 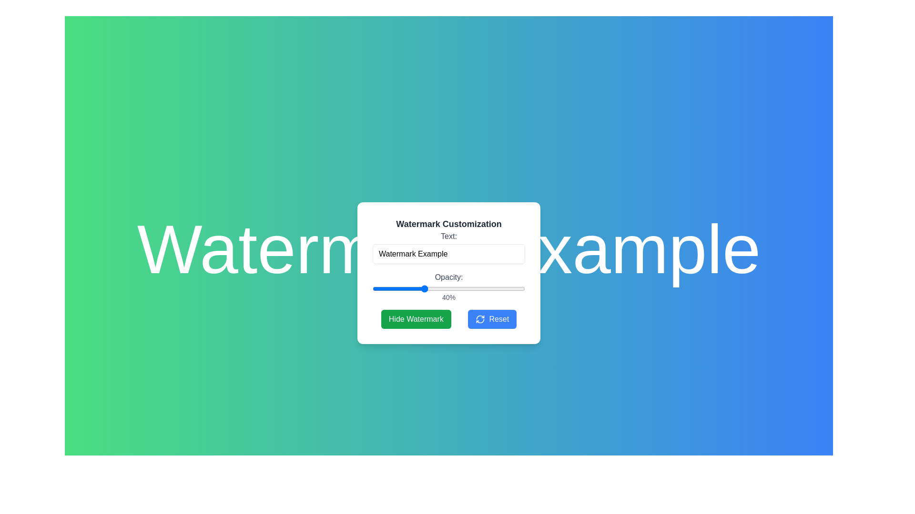 What do you see at coordinates (411, 288) in the screenshot?
I see `opacity` at bounding box center [411, 288].